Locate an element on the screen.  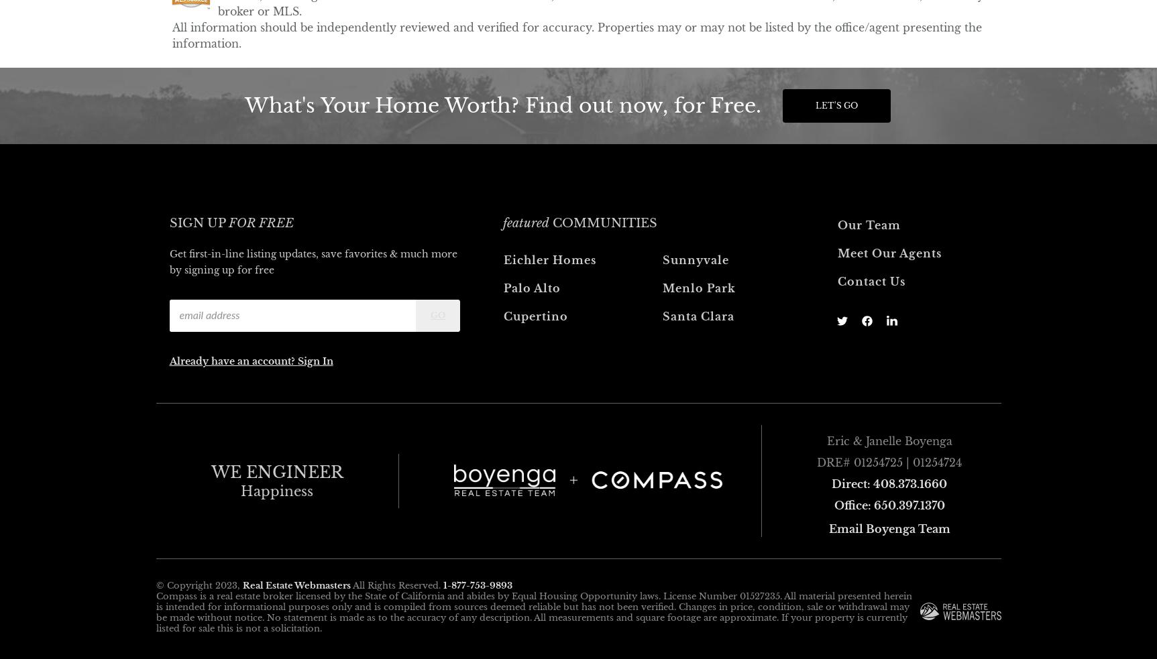
'© Copyright 2023,' is located at coordinates (198, 585).